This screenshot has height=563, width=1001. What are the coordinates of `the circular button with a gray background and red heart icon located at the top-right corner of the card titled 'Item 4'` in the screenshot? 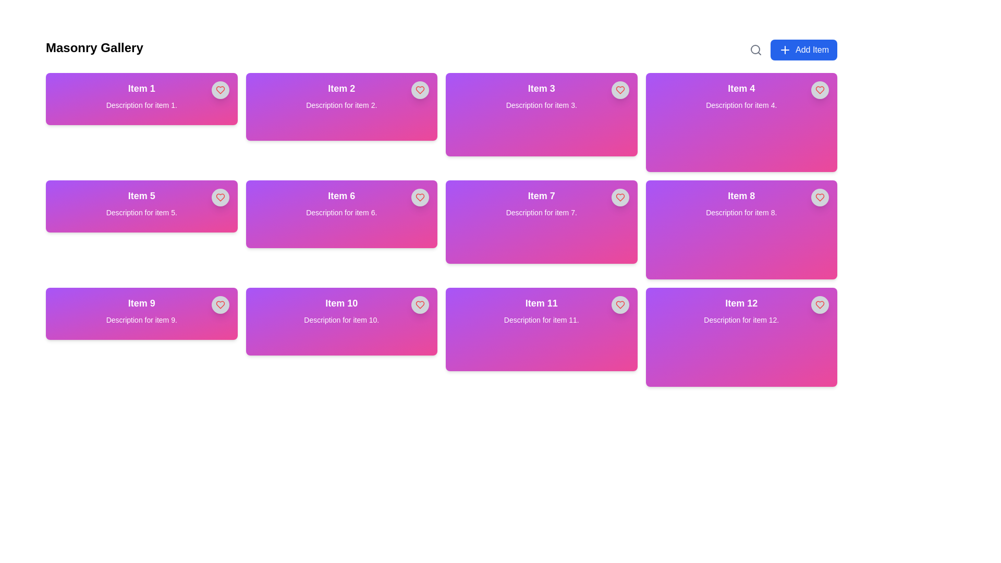 It's located at (820, 90).